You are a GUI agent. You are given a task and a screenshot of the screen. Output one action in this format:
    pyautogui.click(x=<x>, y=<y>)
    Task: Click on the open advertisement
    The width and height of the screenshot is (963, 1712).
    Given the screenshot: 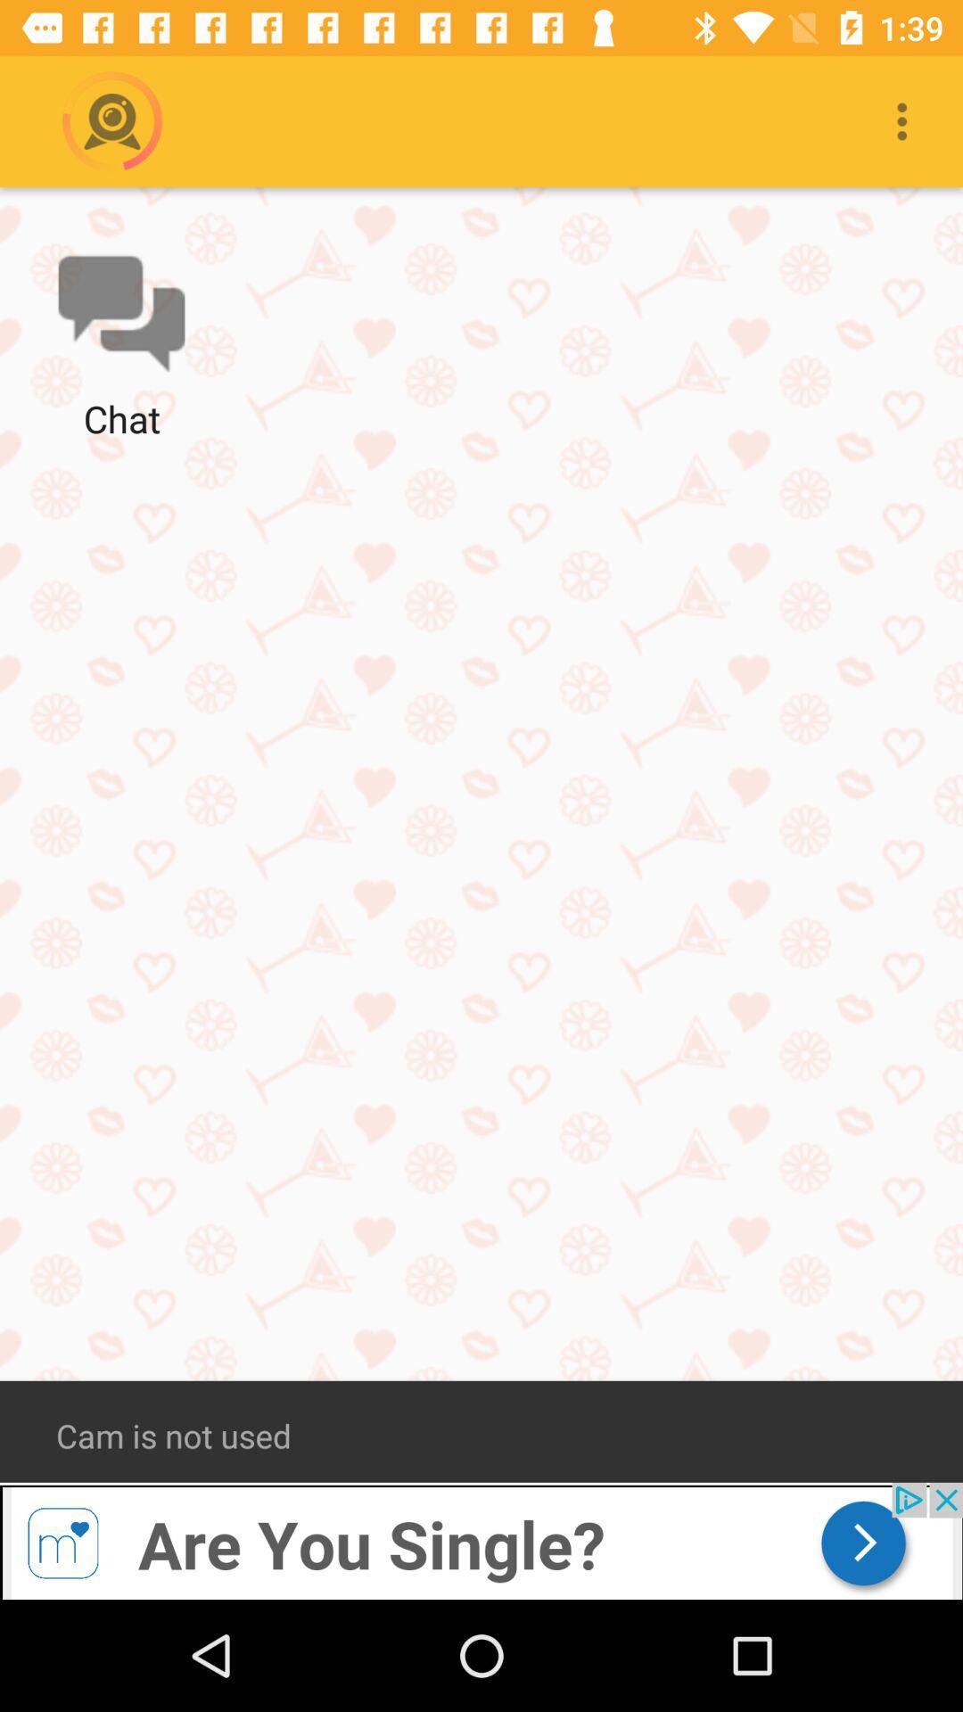 What is the action you would take?
    pyautogui.click(x=481, y=1540)
    